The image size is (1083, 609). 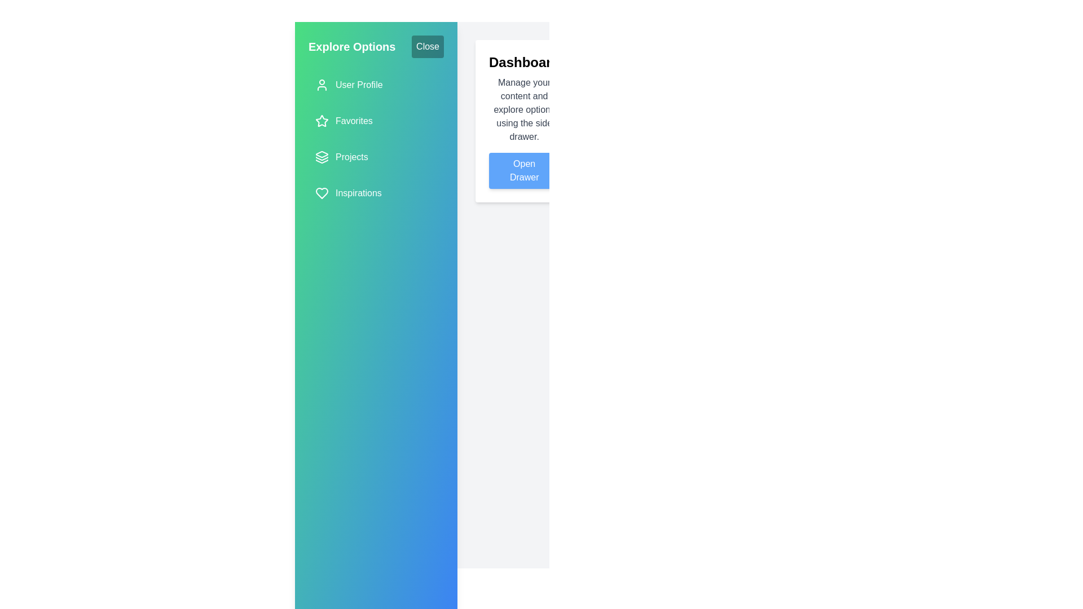 I want to click on the 'Open Drawer' button to open the drawer, so click(x=523, y=171).